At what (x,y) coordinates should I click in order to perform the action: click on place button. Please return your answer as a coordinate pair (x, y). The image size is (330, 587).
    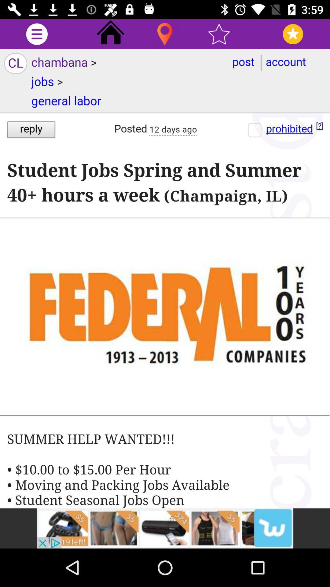
    Looking at the image, I should click on (164, 34).